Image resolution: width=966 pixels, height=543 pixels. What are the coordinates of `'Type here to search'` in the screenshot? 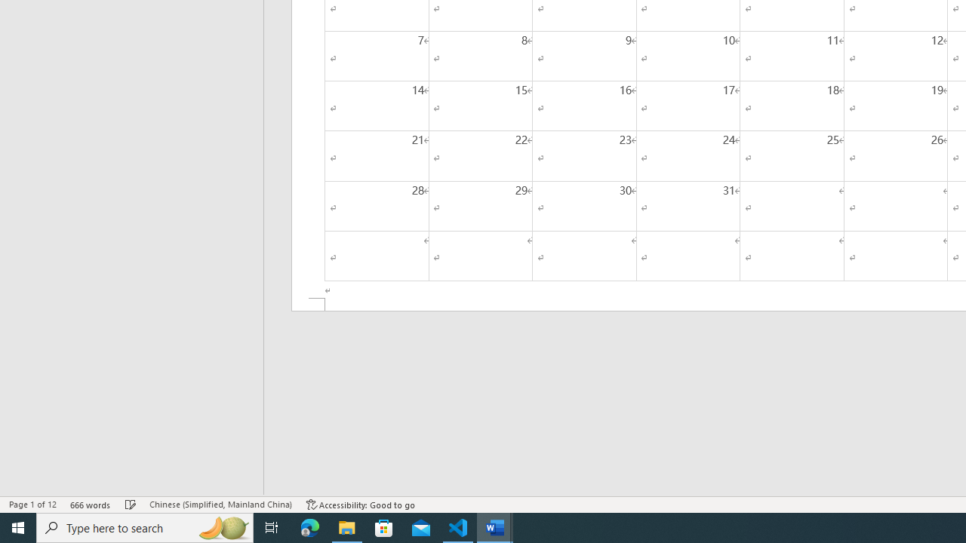 It's located at (145, 526).